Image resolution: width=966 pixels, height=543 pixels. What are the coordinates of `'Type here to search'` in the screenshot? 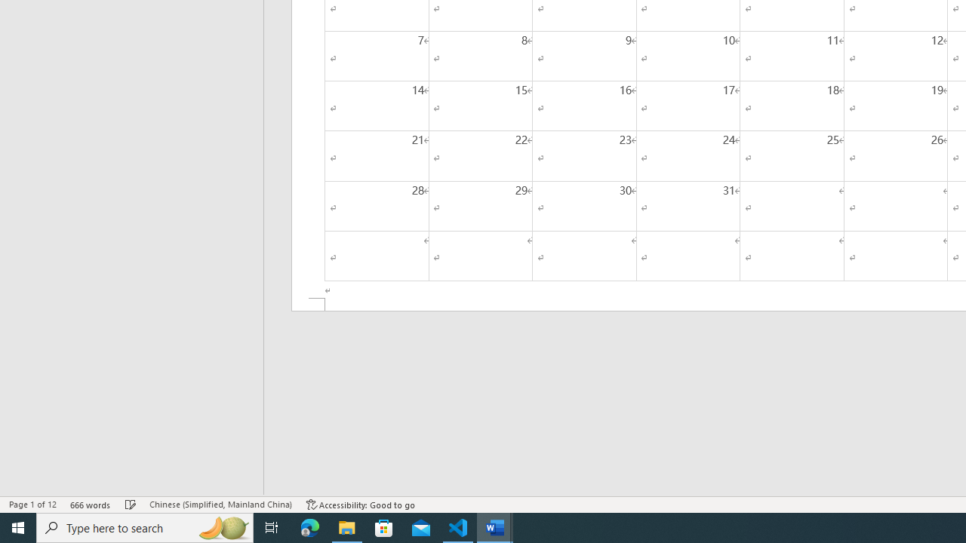 It's located at (145, 526).